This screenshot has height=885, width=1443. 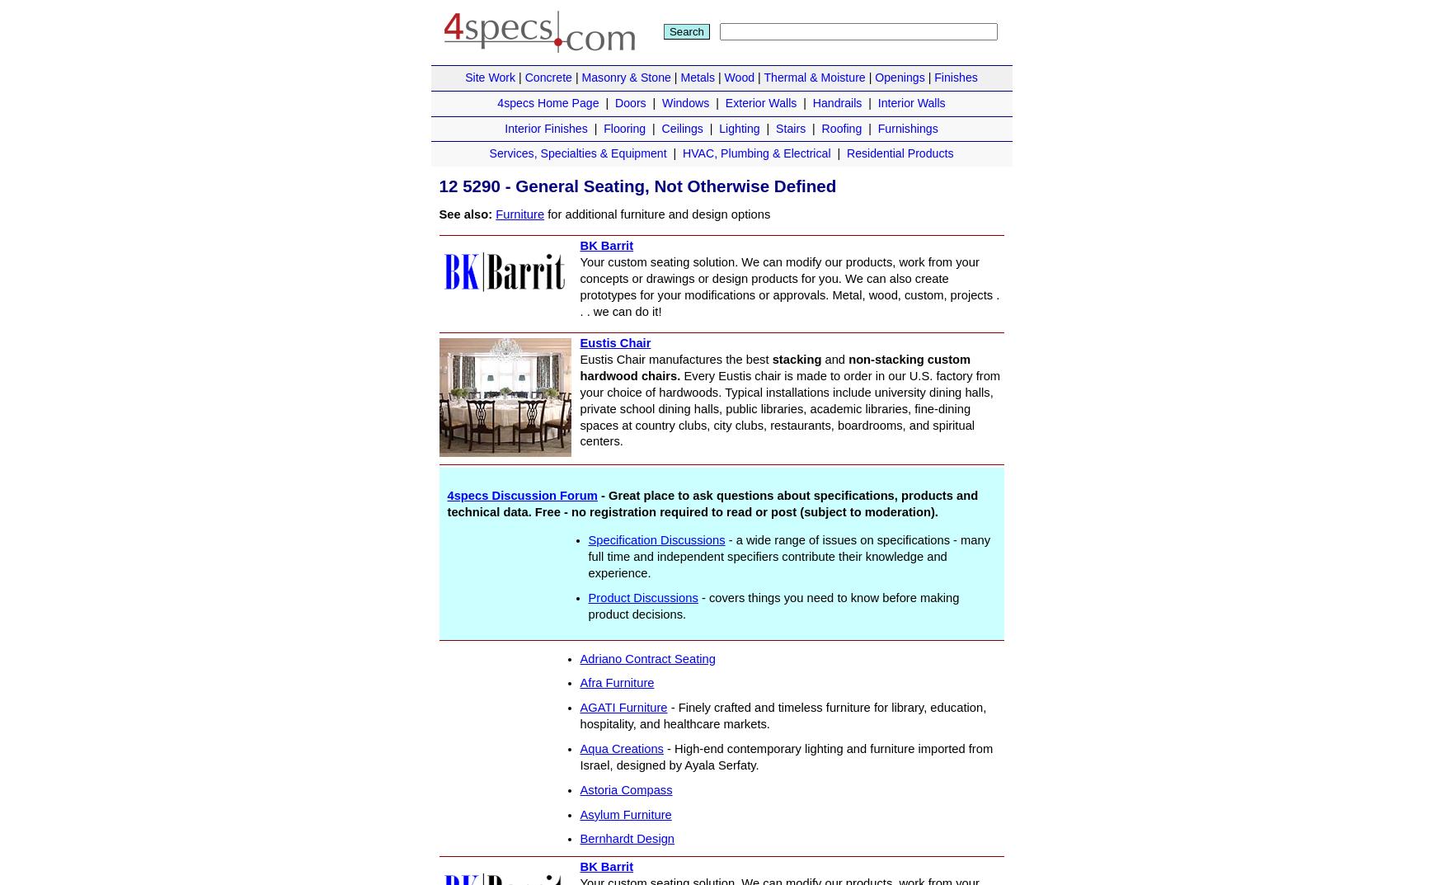 What do you see at coordinates (547, 101) in the screenshot?
I see `'4specs Home Page'` at bounding box center [547, 101].